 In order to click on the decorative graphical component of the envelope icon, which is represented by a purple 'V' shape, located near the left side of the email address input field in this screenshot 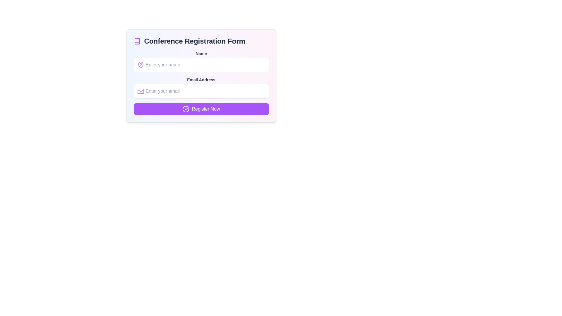, I will do `click(140, 90)`.